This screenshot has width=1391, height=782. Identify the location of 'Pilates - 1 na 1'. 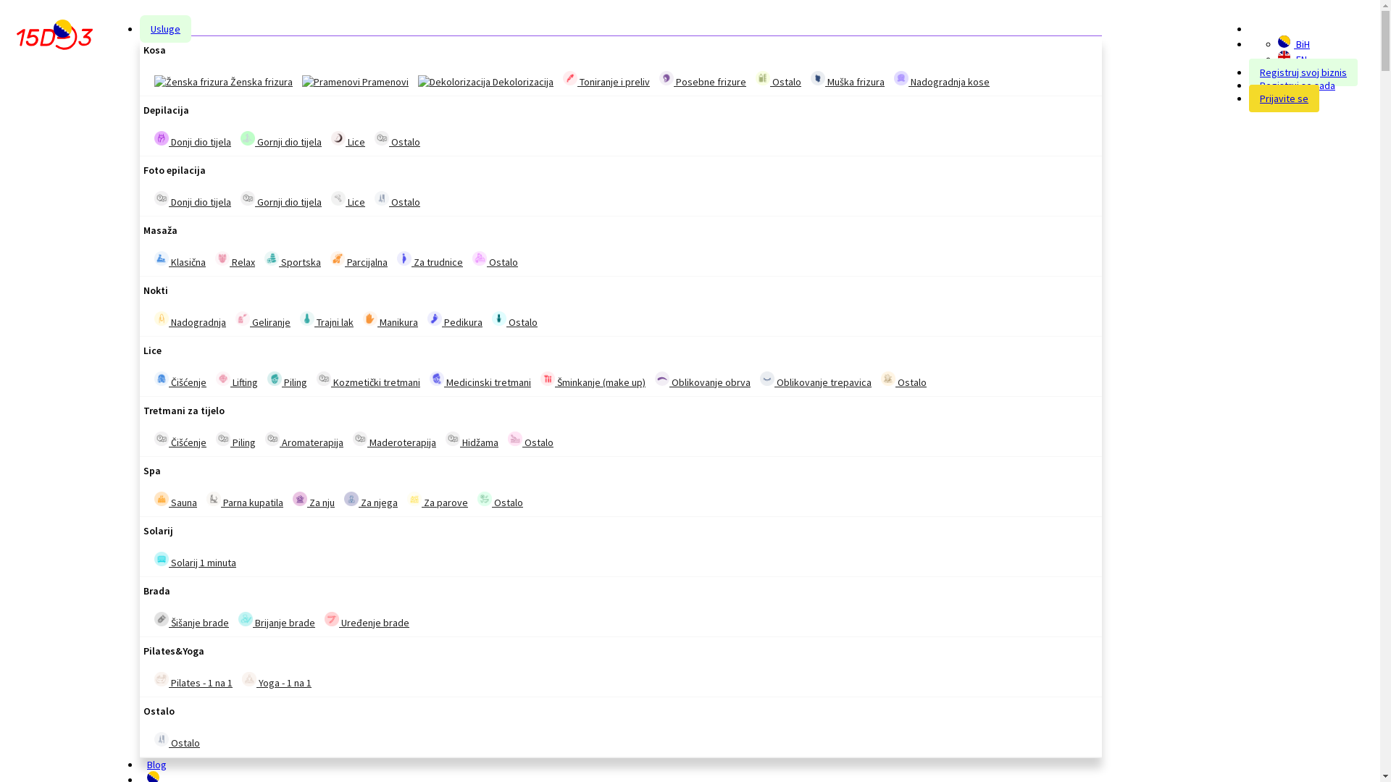
(161, 678).